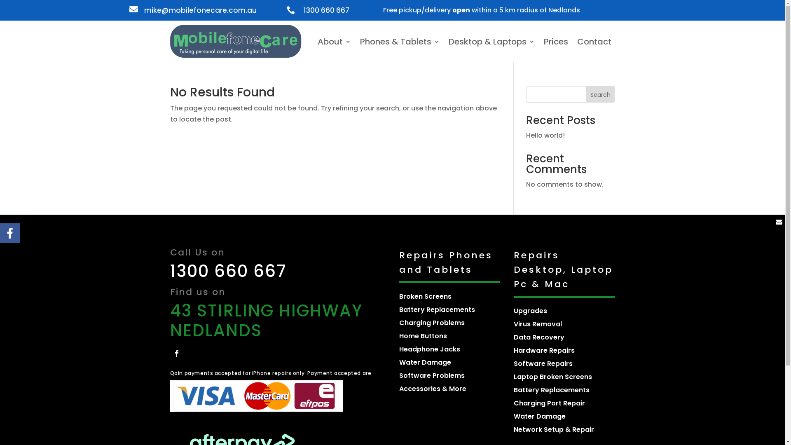 The image size is (791, 445). What do you see at coordinates (600, 94) in the screenshot?
I see `'Search'` at bounding box center [600, 94].